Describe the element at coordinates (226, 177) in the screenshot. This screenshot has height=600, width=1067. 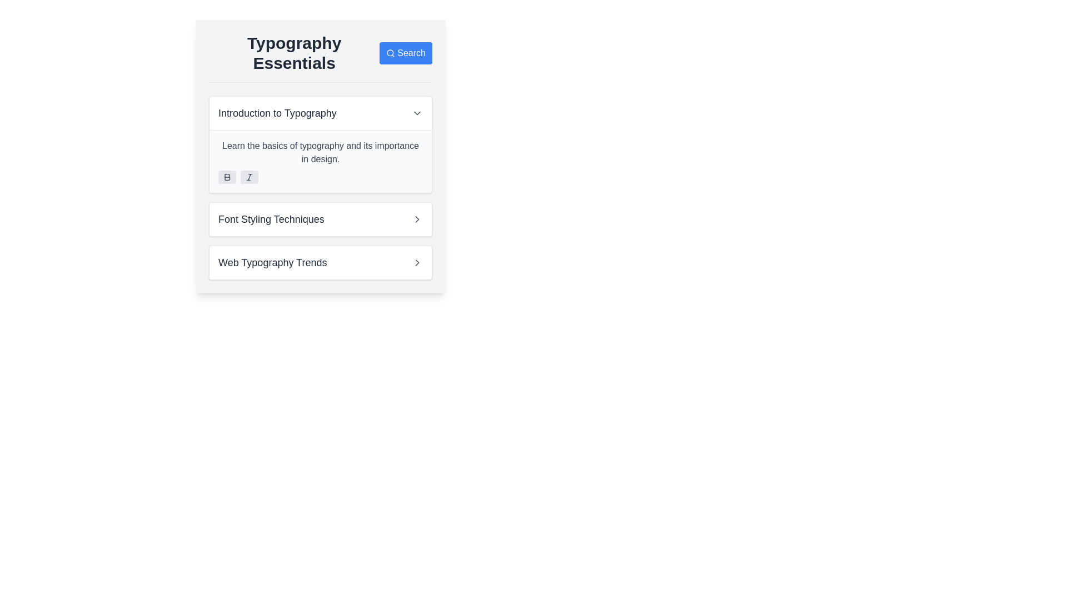
I see `the bold formatting icon located in the expanded 'Introduction to Typography' section` at that location.